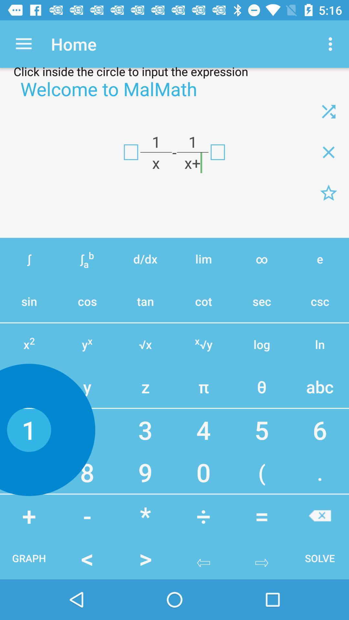 This screenshot has height=620, width=349. Describe the element at coordinates (329, 192) in the screenshot. I see `the star icon` at that location.